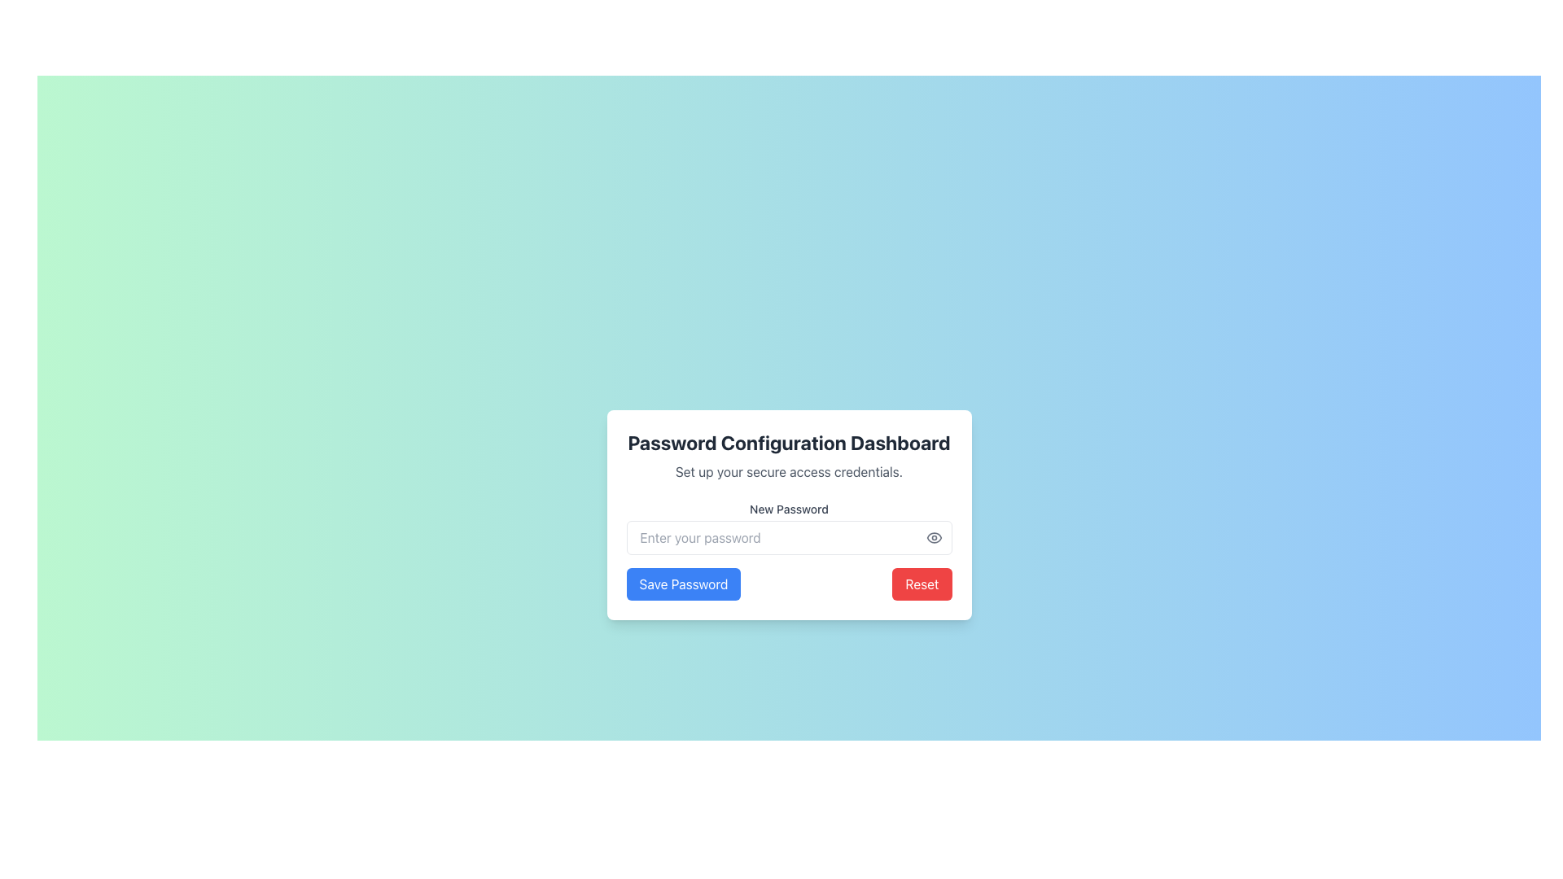 This screenshot has width=1563, height=879. I want to click on the visibility toggle icon located on the right-most side of the password input field, so click(934, 537).